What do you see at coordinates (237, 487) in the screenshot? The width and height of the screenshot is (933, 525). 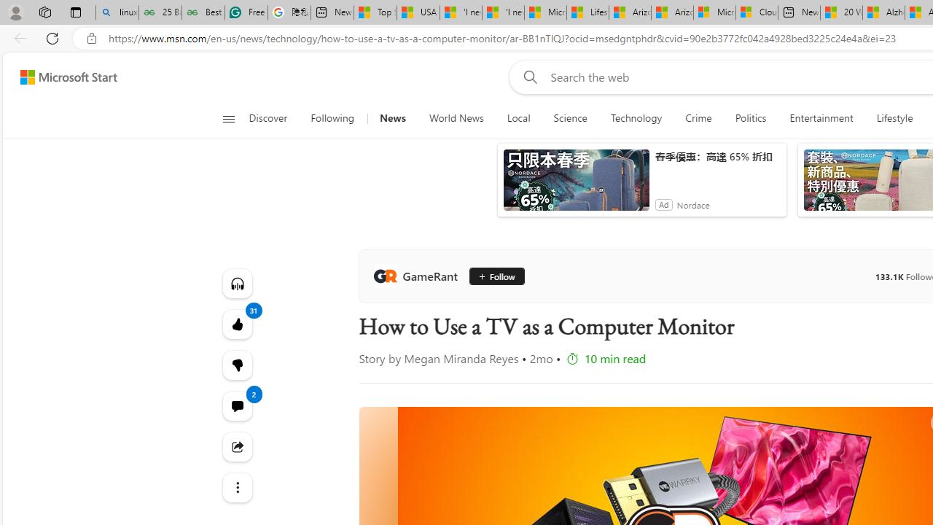 I see `'See more'` at bounding box center [237, 487].